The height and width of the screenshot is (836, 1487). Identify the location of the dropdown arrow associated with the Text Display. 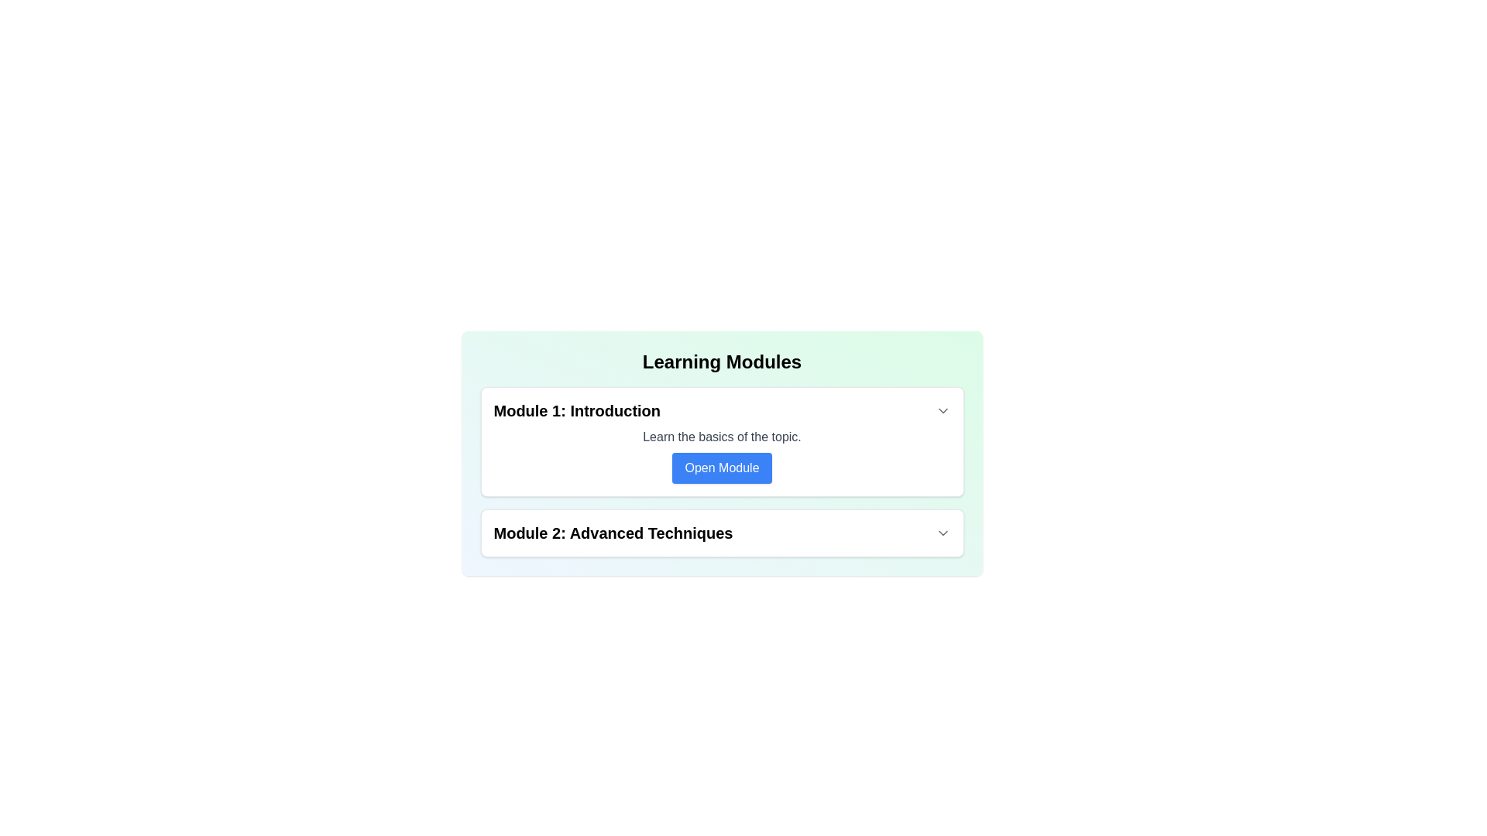
(721, 533).